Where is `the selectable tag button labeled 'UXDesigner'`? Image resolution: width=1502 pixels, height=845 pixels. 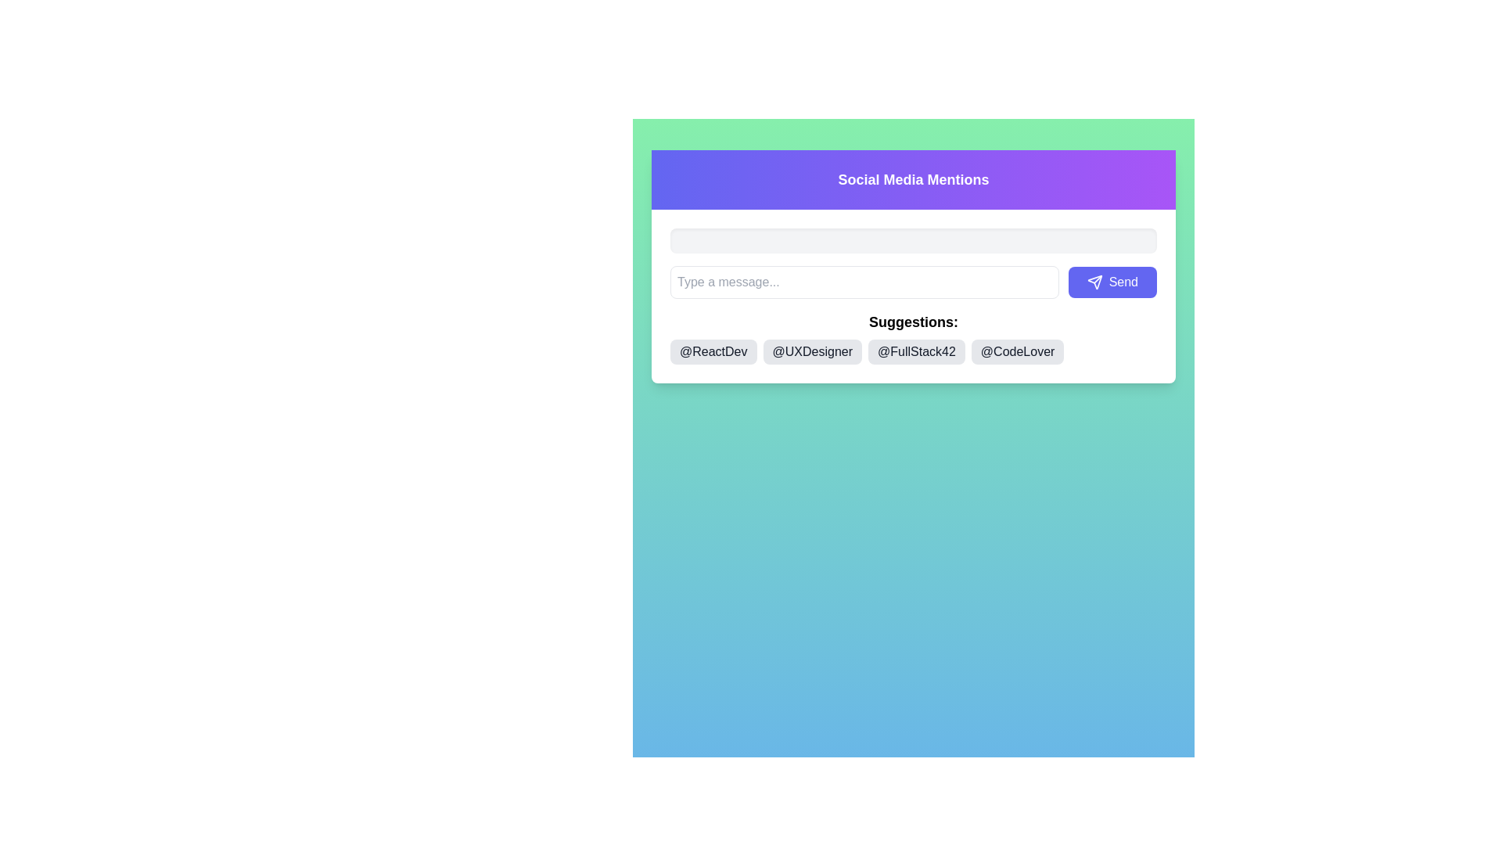
the selectable tag button labeled 'UXDesigner' is located at coordinates (812, 352).